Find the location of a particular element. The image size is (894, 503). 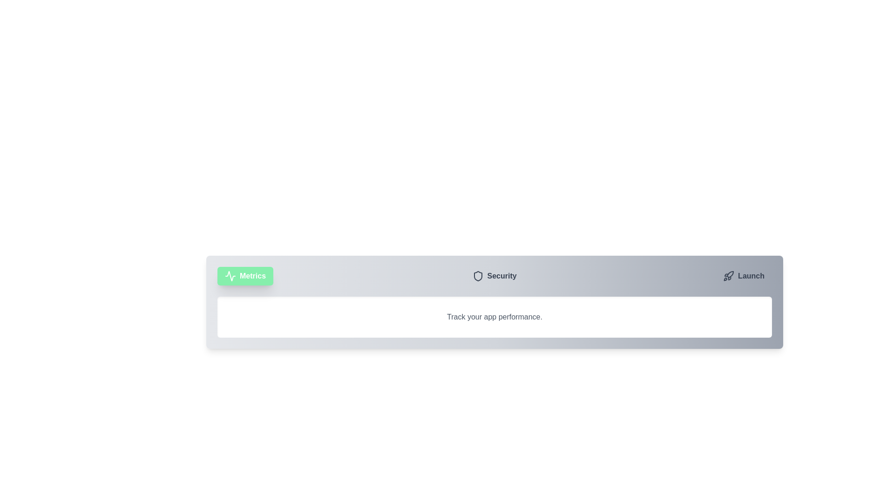

the Launch tab to switch views is located at coordinates (744, 276).